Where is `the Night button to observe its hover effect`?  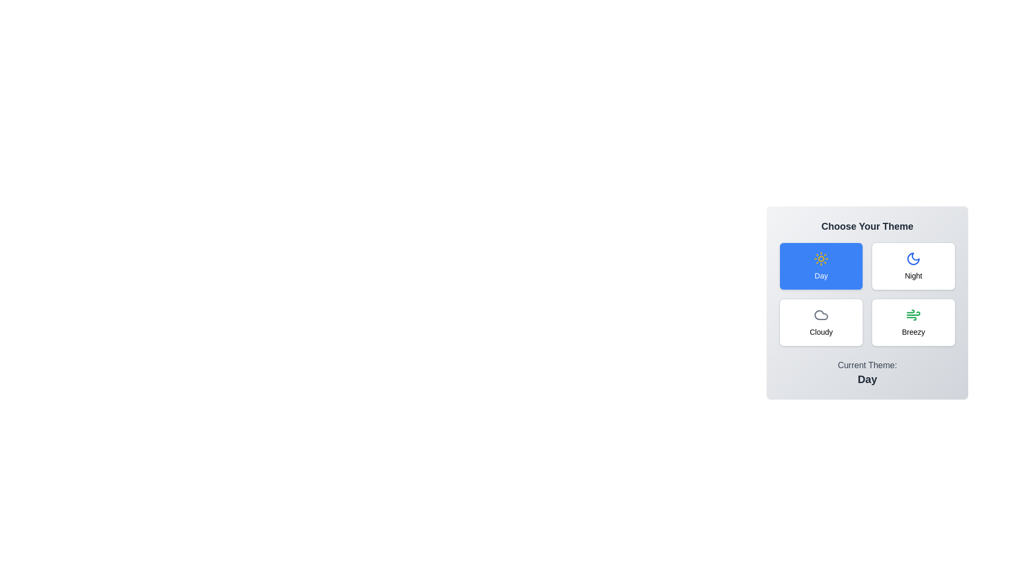
the Night button to observe its hover effect is located at coordinates (913, 265).